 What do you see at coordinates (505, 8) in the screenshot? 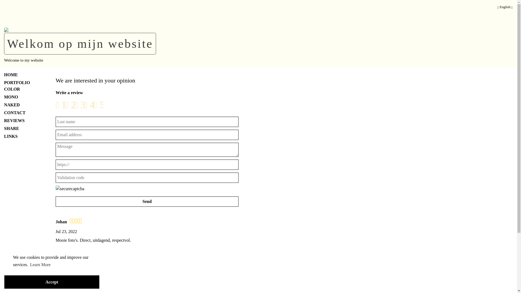
I see `'English'` at bounding box center [505, 8].